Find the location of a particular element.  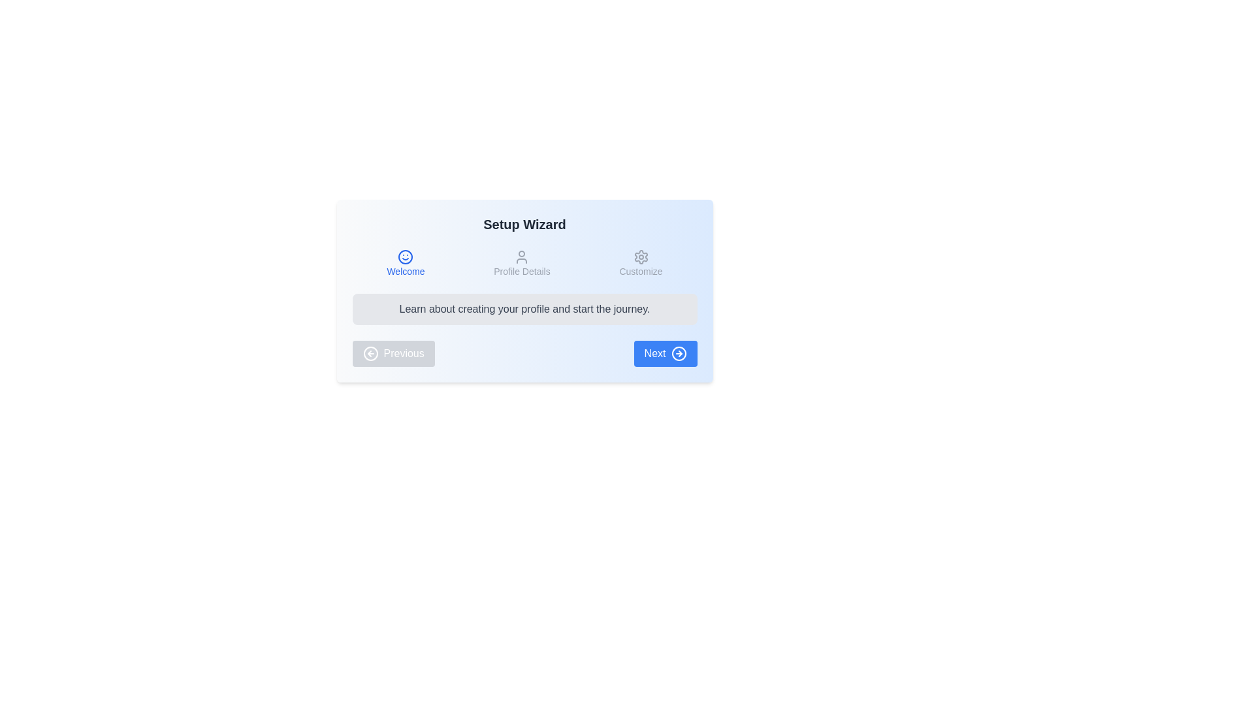

the left-pointing circular arrow icon located inside the 'Previous' button at the bottom-left of the interface is located at coordinates (370, 354).